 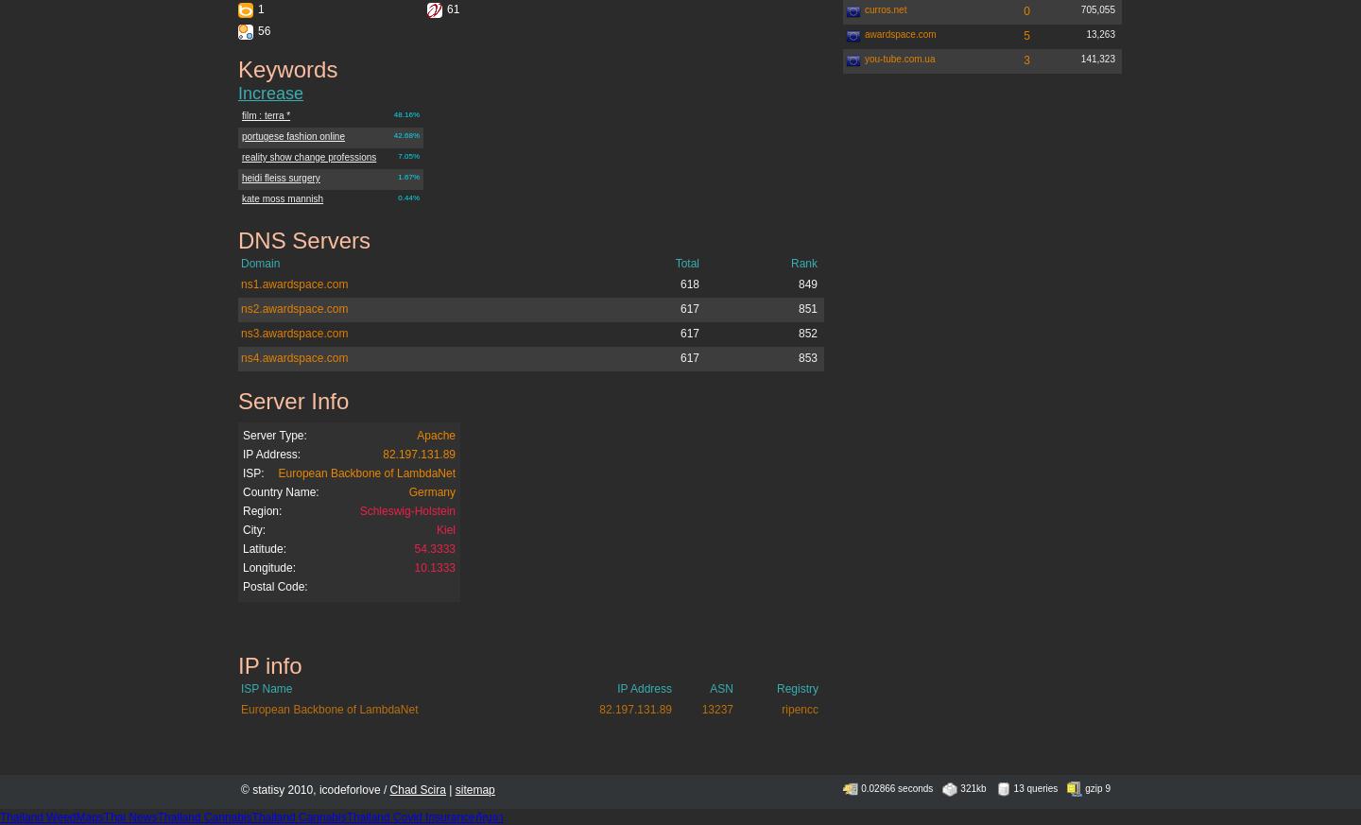 I want to click on '3', so click(x=1025, y=59).